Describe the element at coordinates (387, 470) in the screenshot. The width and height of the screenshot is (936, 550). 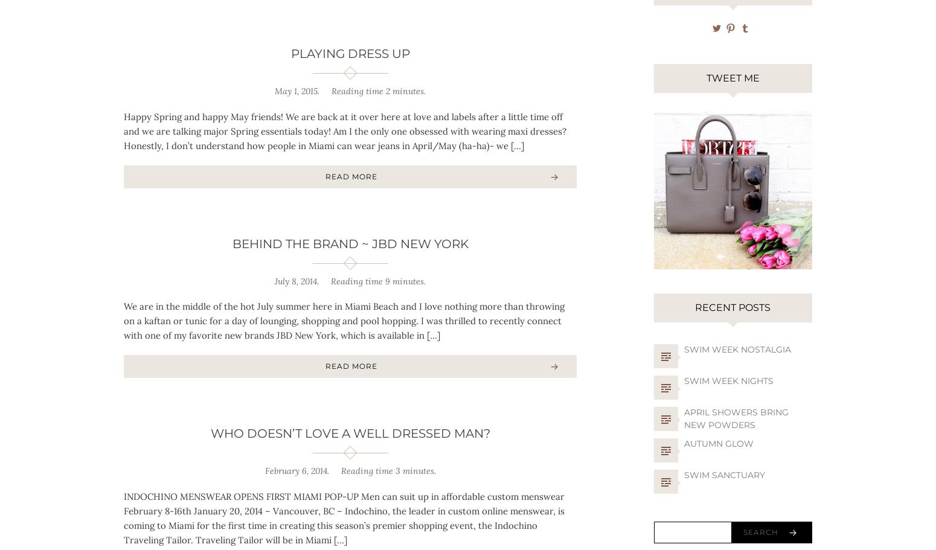
I see `'Reading time 3 minutes.'` at that location.